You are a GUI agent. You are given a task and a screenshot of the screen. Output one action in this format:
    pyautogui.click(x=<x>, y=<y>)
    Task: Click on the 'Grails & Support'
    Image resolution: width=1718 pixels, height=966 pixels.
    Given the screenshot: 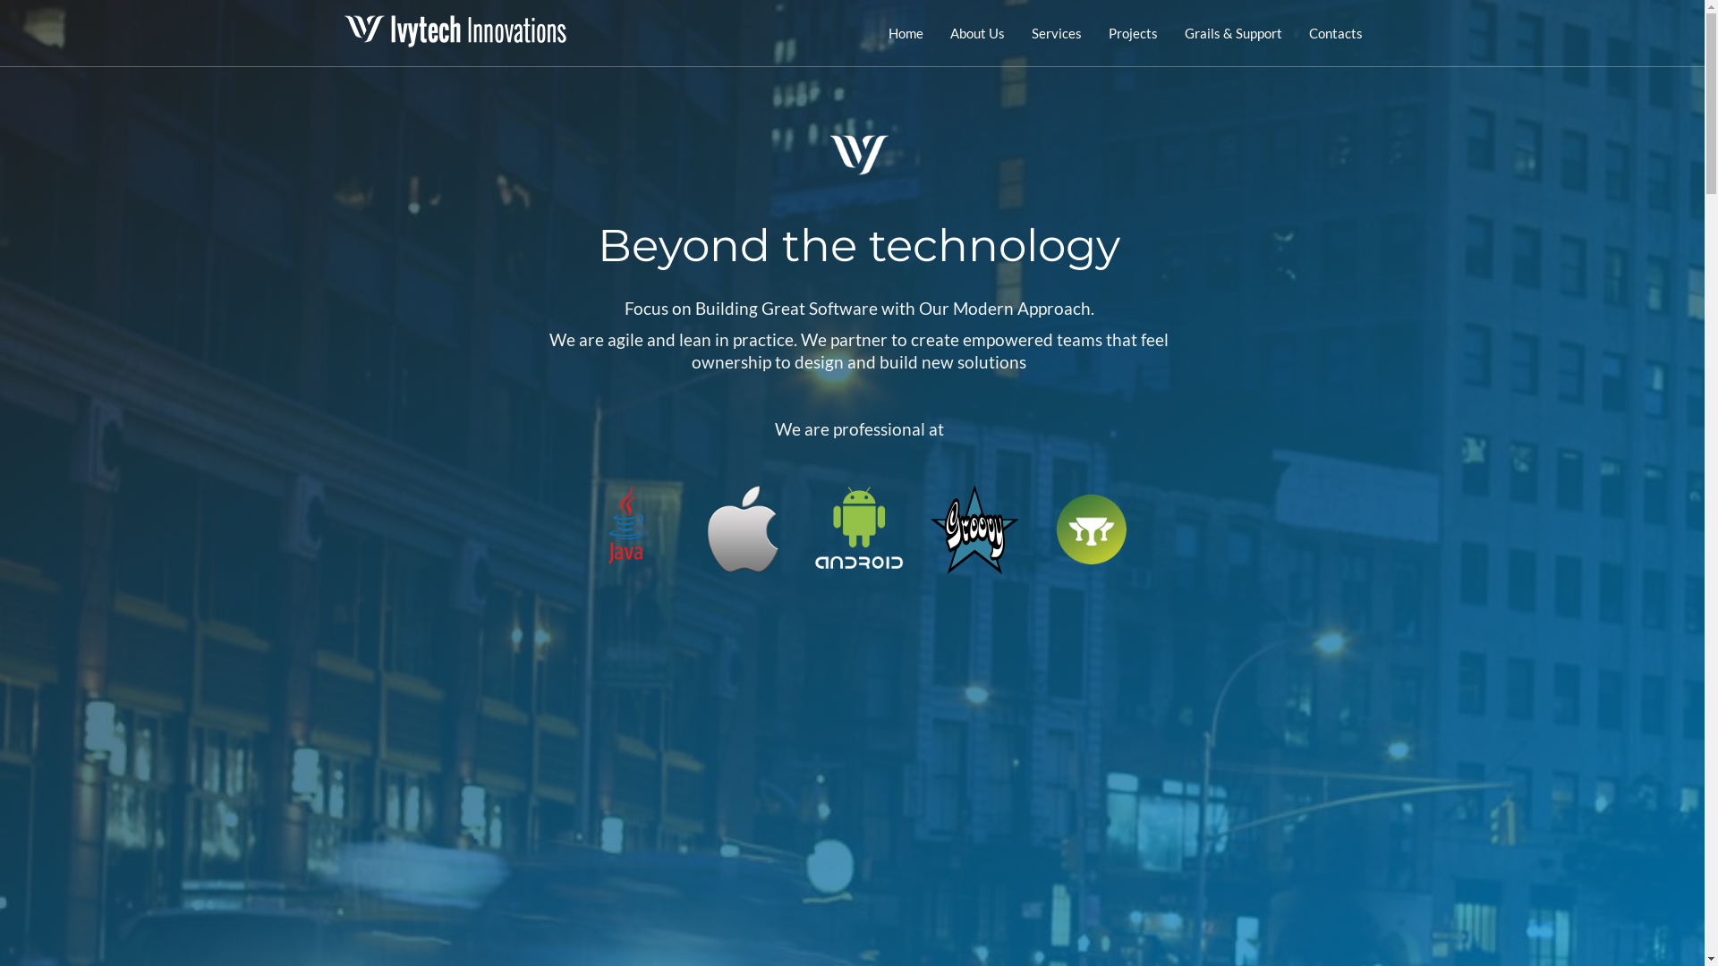 What is the action you would take?
    pyautogui.click(x=1231, y=33)
    